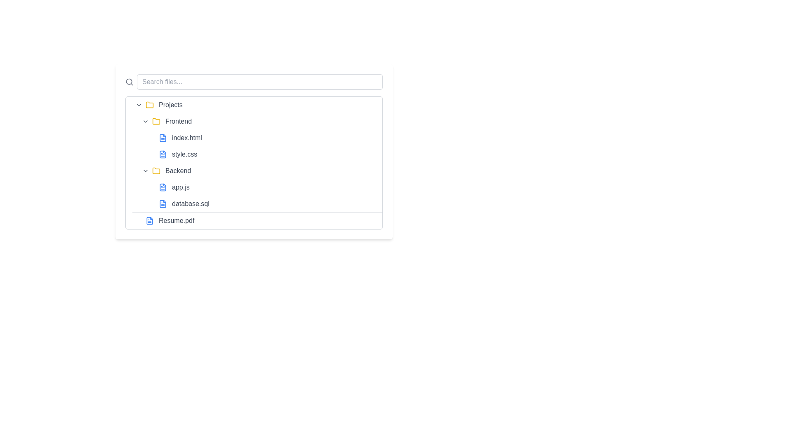 The width and height of the screenshot is (792, 445). I want to click on the folder icon with a yellow outline located to the left of the text 'Projects' in the file navigation interface, so click(150, 104).